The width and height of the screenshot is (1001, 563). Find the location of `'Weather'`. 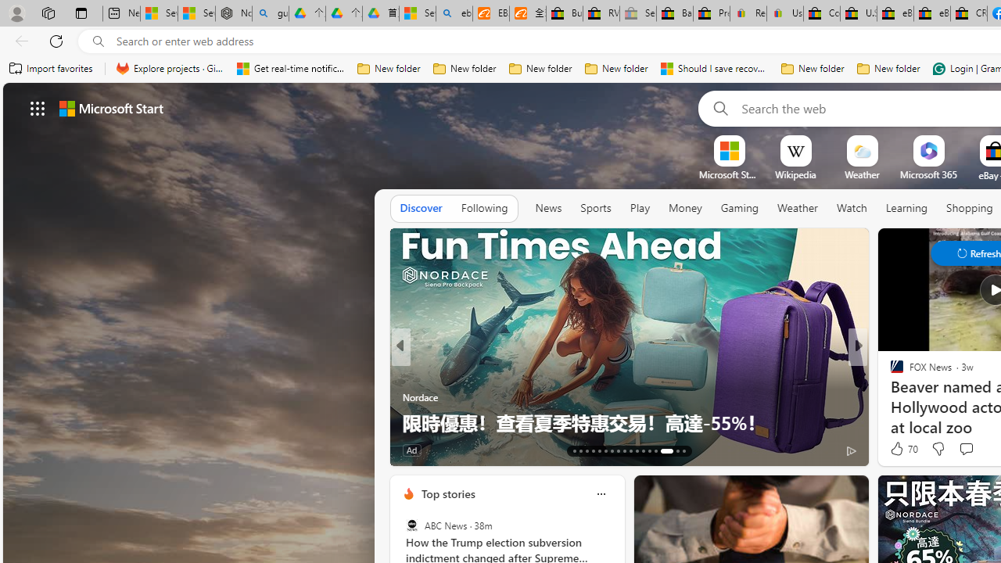

'Weather' is located at coordinates (798, 208).